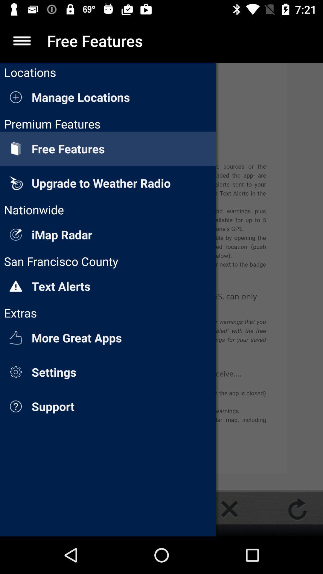 Image resolution: width=323 pixels, height=574 pixels. What do you see at coordinates (297, 509) in the screenshot?
I see `the refresh icon` at bounding box center [297, 509].